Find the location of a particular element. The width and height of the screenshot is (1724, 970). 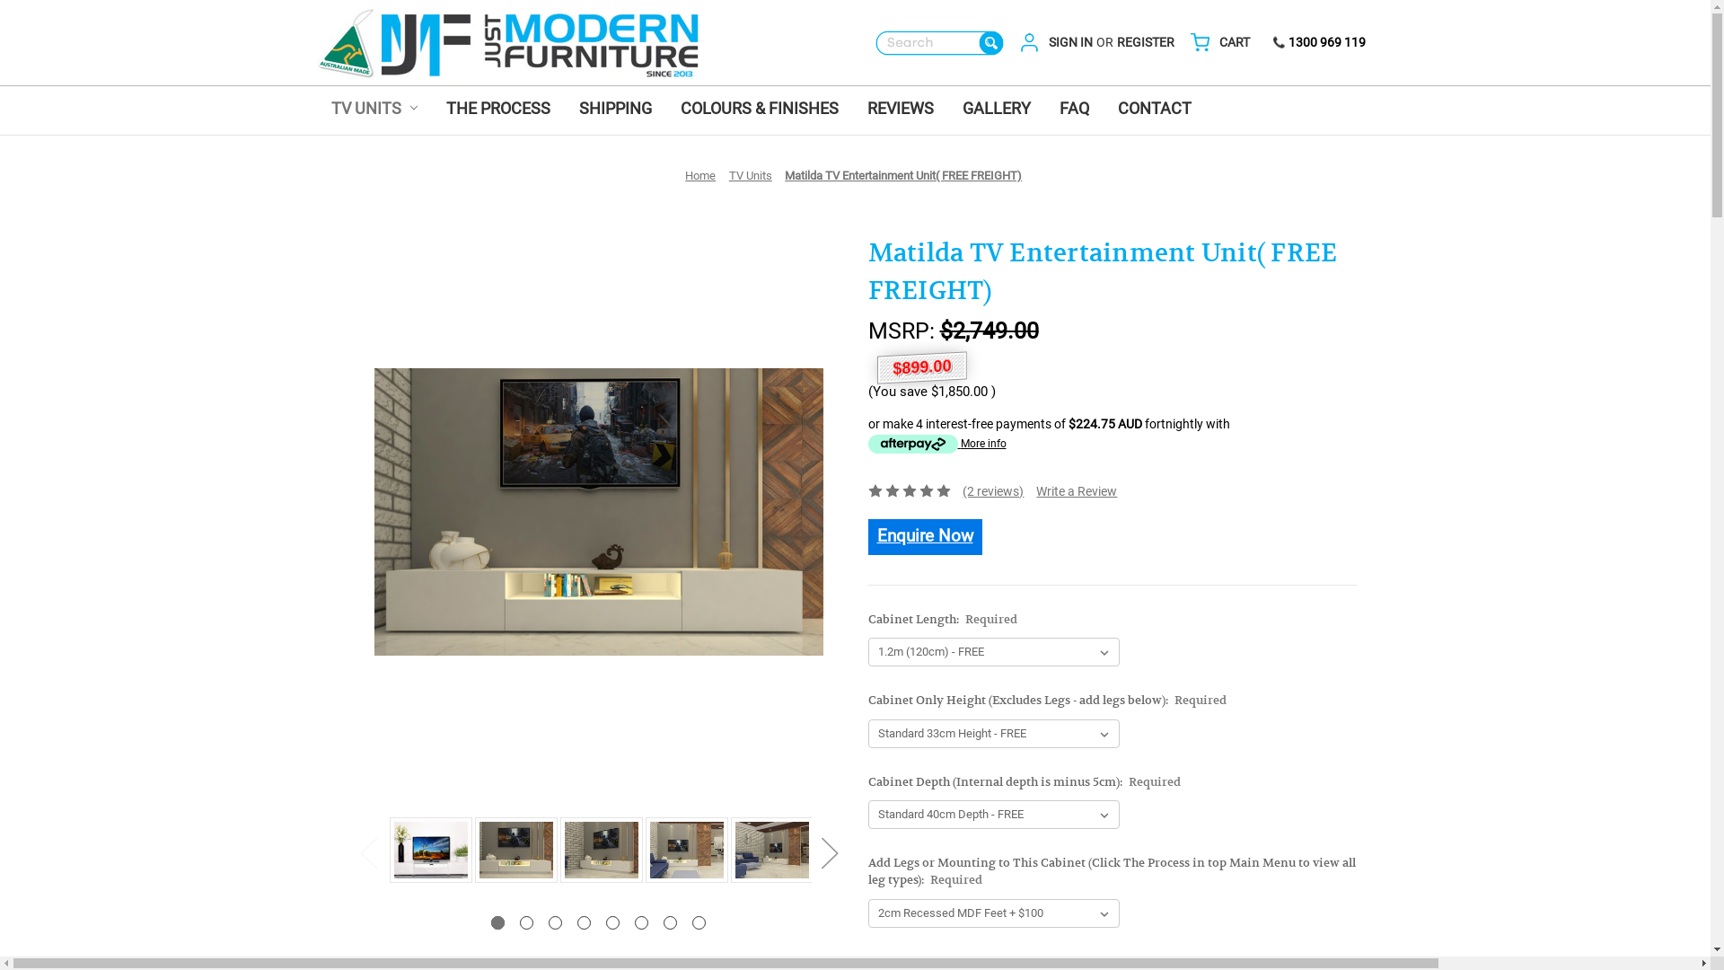

'THE PROCESS' is located at coordinates (498, 110).